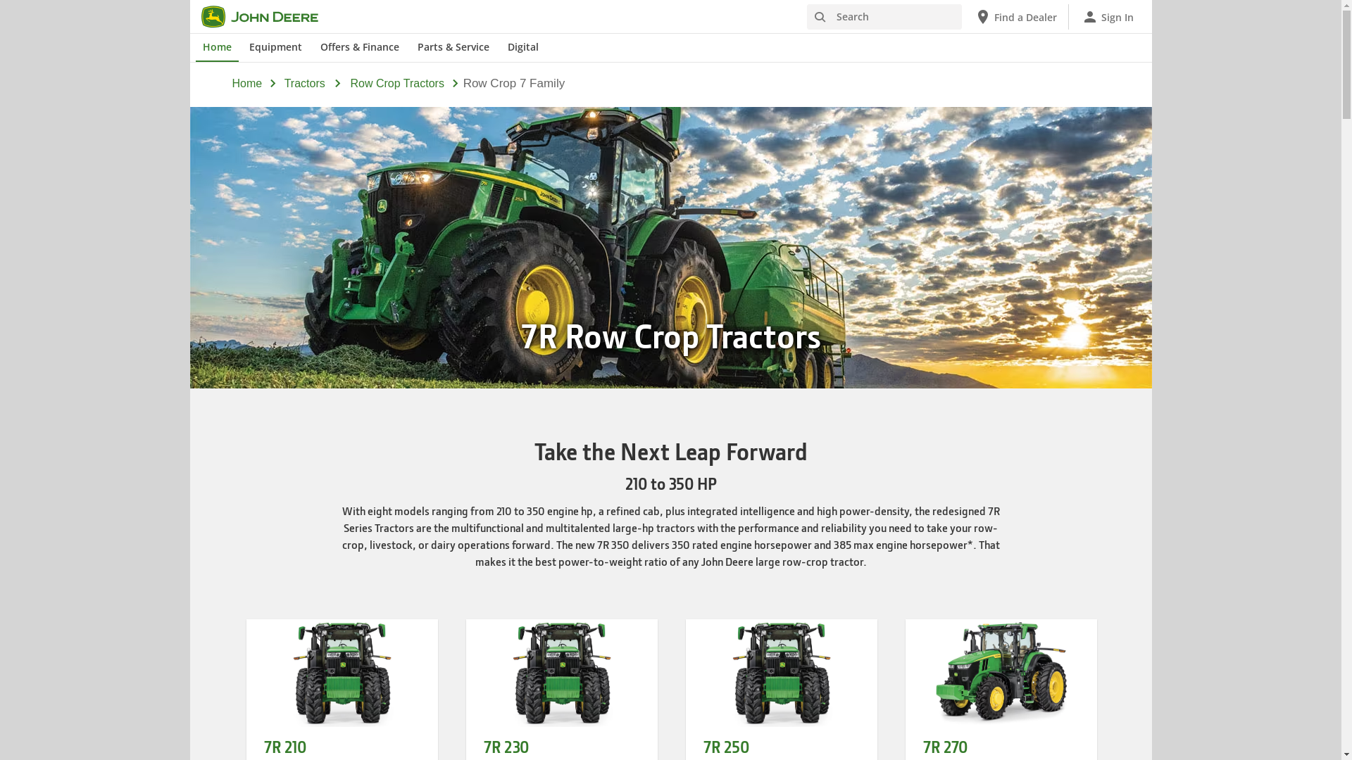 This screenshot has width=1352, height=760. Describe the element at coordinates (396, 84) in the screenshot. I see `'Row Crop Tractors'` at that location.